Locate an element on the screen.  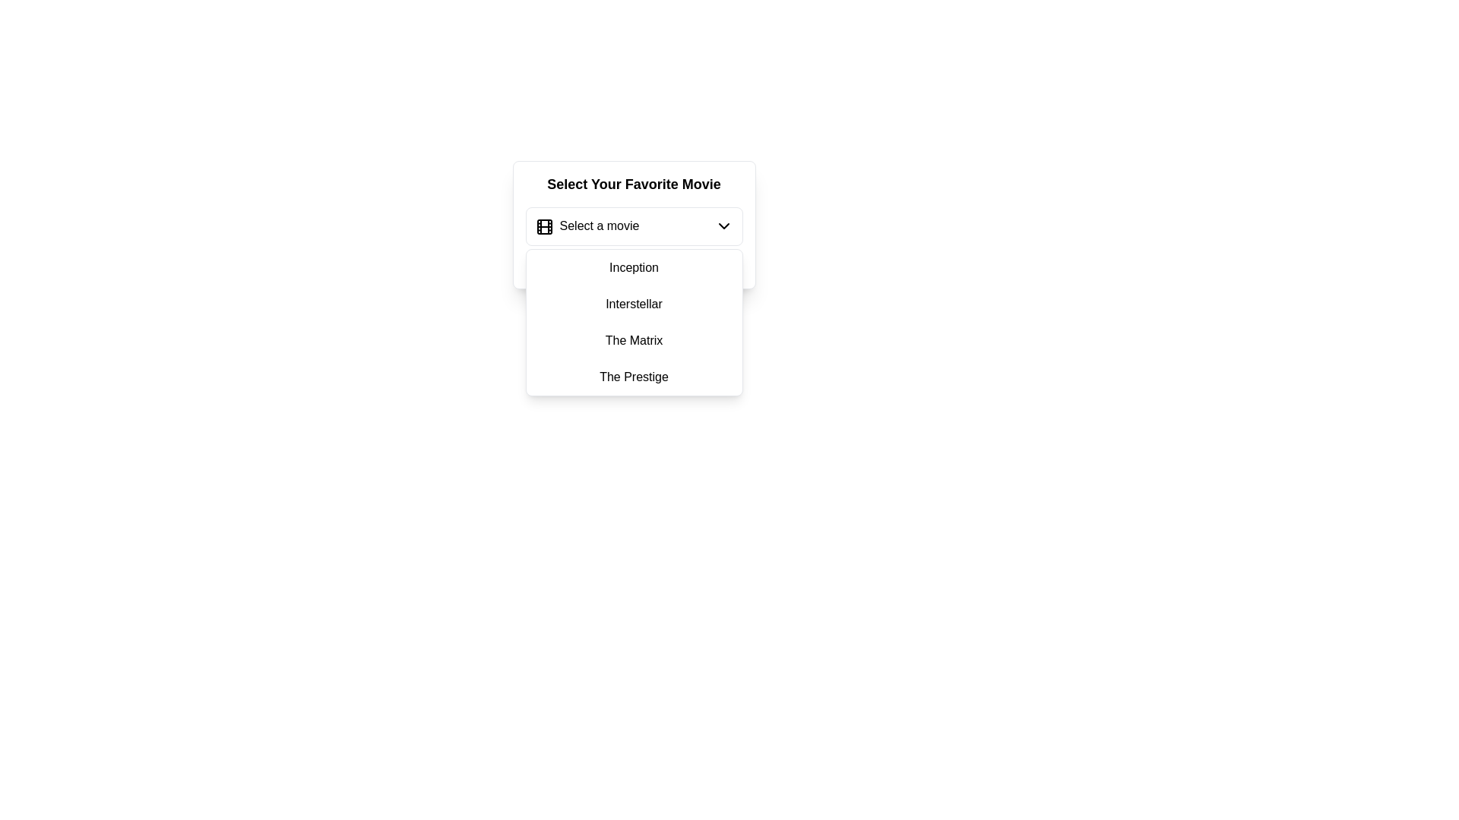
the film roll icon with a black stroke style, which is located to the left of the 'Select a movie' text in the dropdown-like header element is located at coordinates (544, 226).